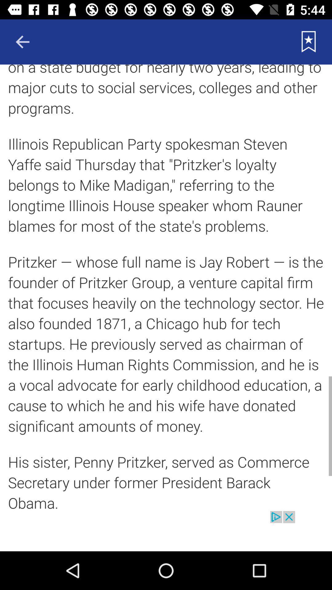 This screenshot has height=590, width=332. Describe the element at coordinates (22, 41) in the screenshot. I see `the arrow_backward icon` at that location.